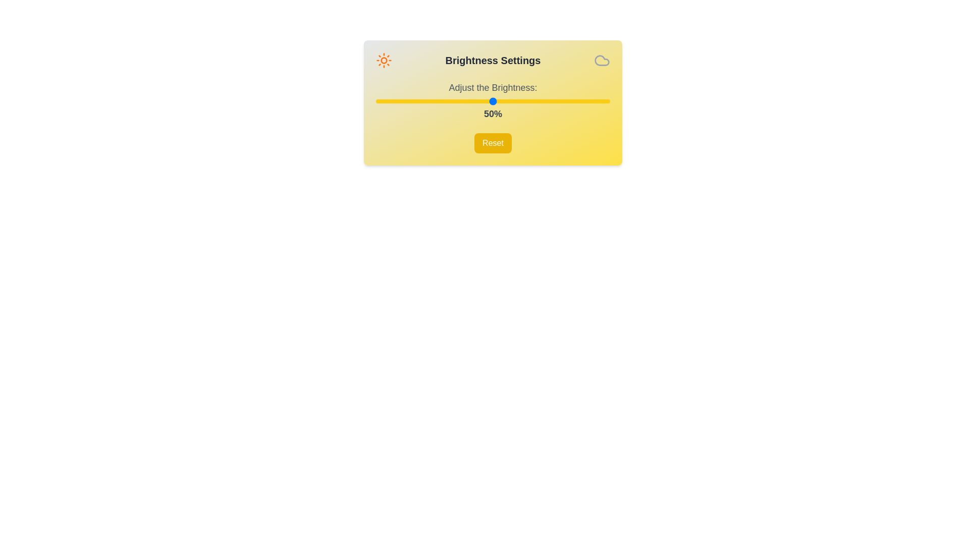  I want to click on the brightness slider to set the brightness level to 76%, so click(553, 101).